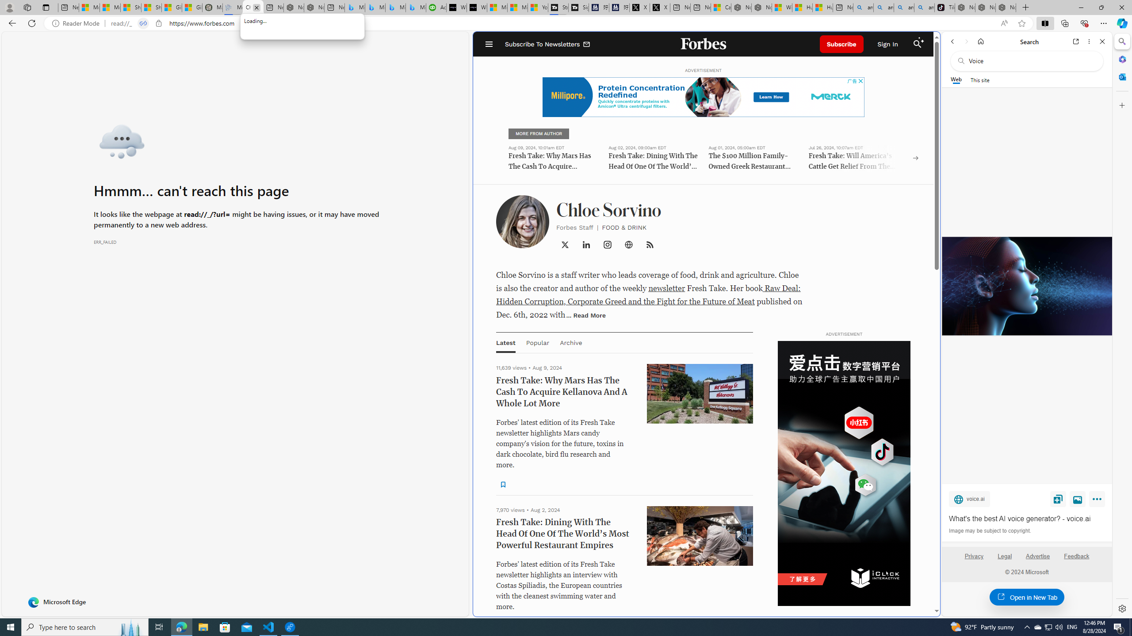 This screenshot has width=1132, height=636. What do you see at coordinates (314, 7) in the screenshot?
I see `'Nordace - #1 Japanese Best-Seller - Siena Smart Backpack'` at bounding box center [314, 7].